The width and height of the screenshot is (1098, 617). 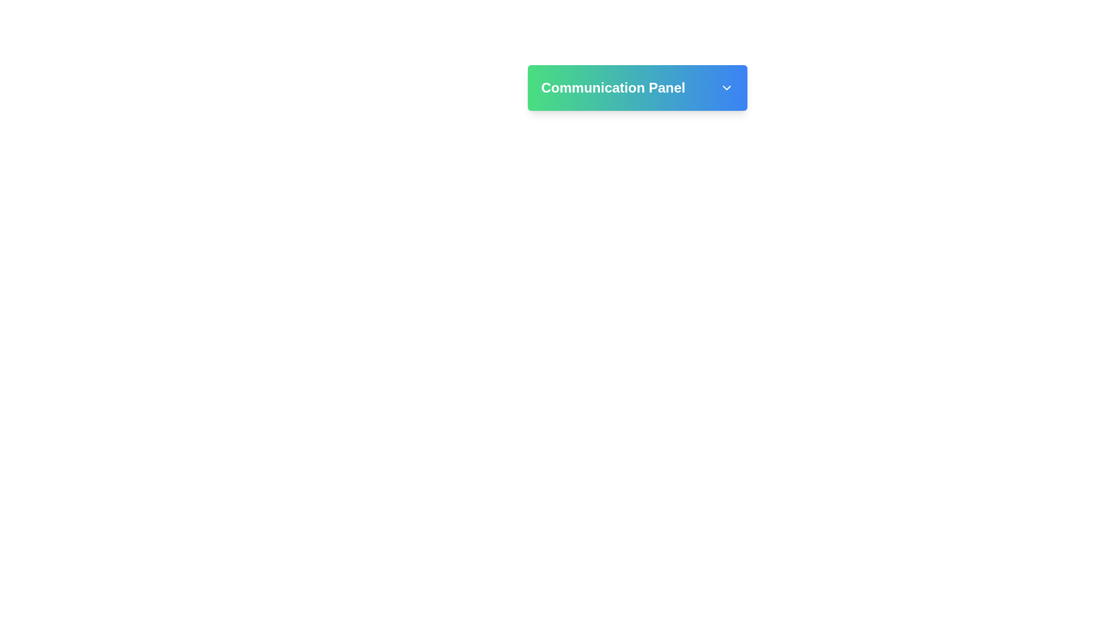 What do you see at coordinates (636, 87) in the screenshot?
I see `the 'Communication Panel' text label` at bounding box center [636, 87].